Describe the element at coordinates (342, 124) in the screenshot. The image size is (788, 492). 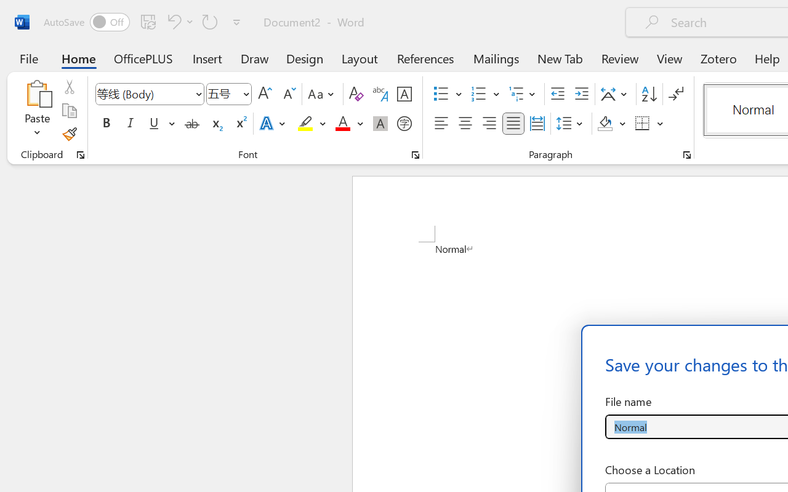
I see `'Font Color Red'` at that location.